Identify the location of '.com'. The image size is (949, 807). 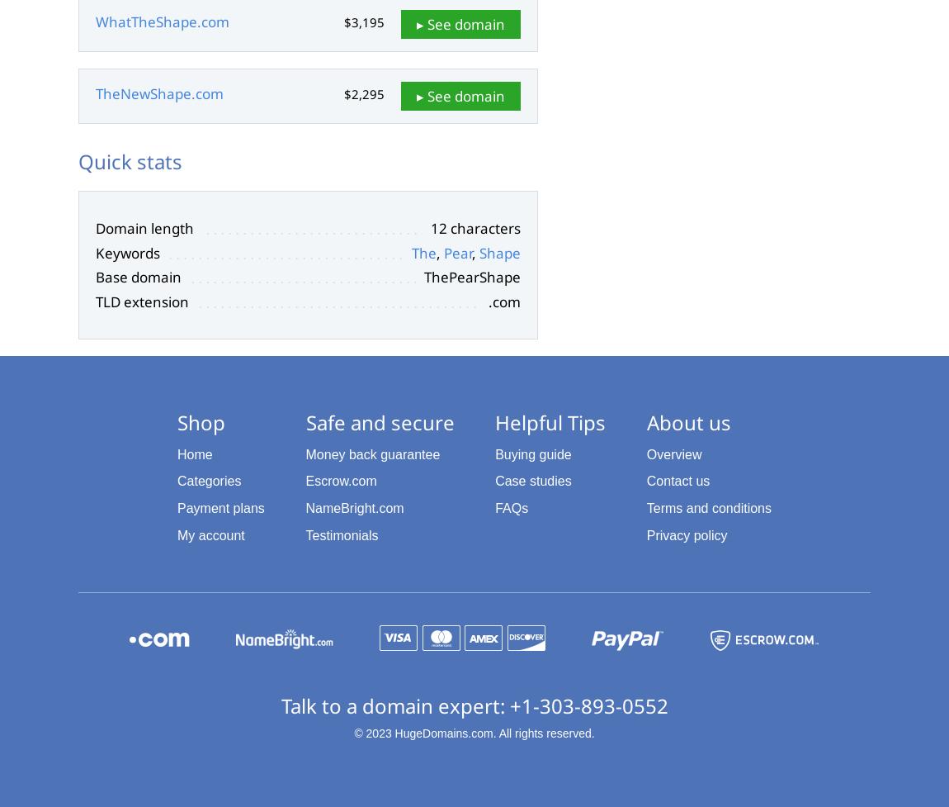
(503, 301).